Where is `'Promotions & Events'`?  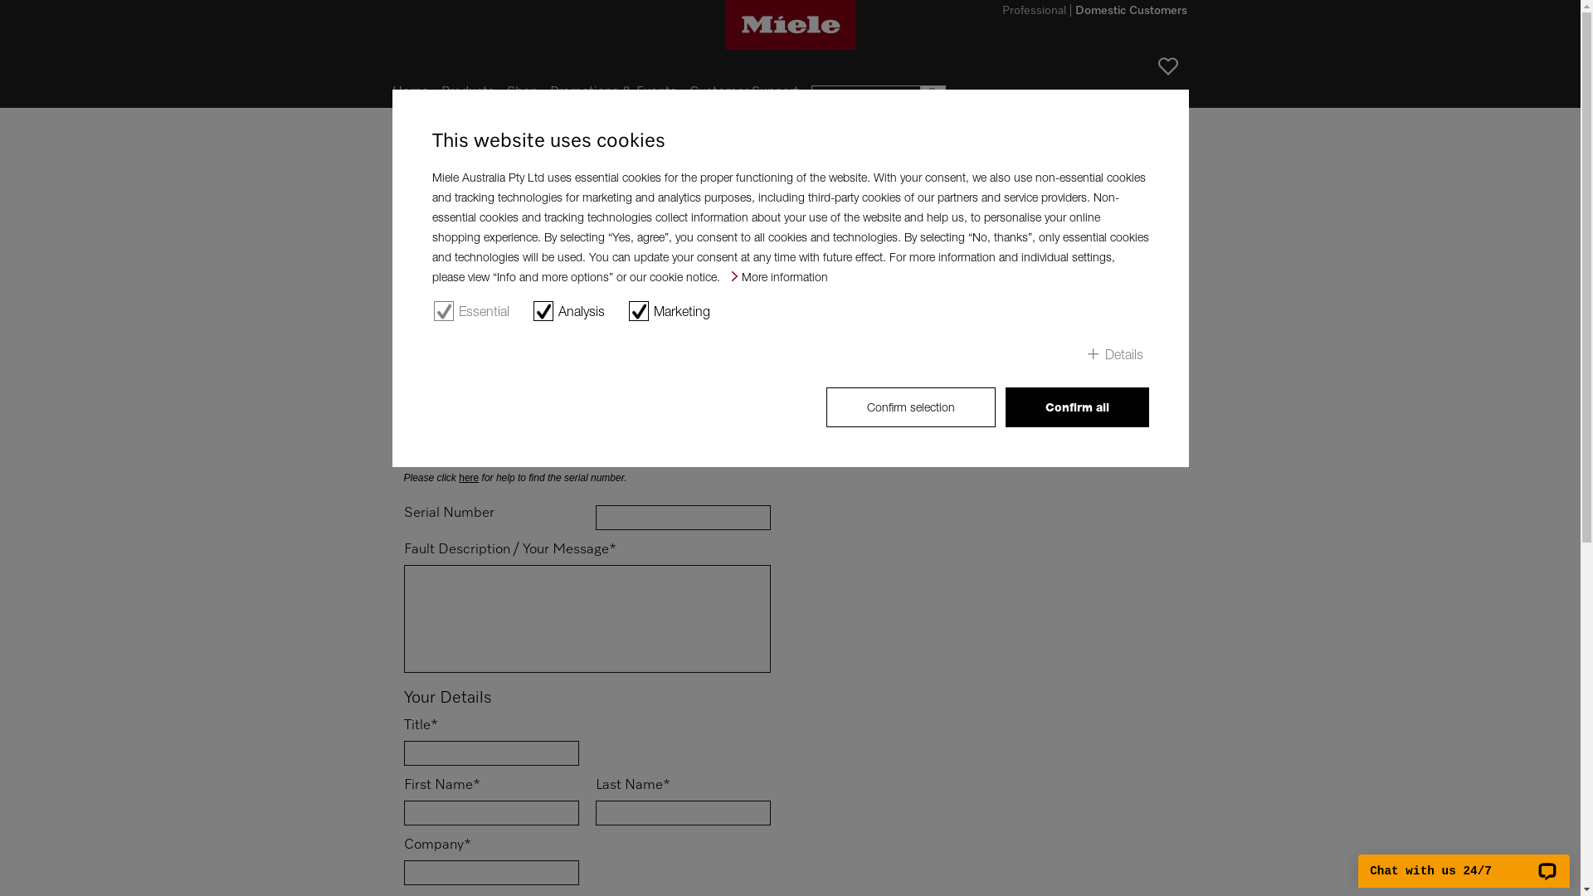 'Promotions & Events' is located at coordinates (611, 92).